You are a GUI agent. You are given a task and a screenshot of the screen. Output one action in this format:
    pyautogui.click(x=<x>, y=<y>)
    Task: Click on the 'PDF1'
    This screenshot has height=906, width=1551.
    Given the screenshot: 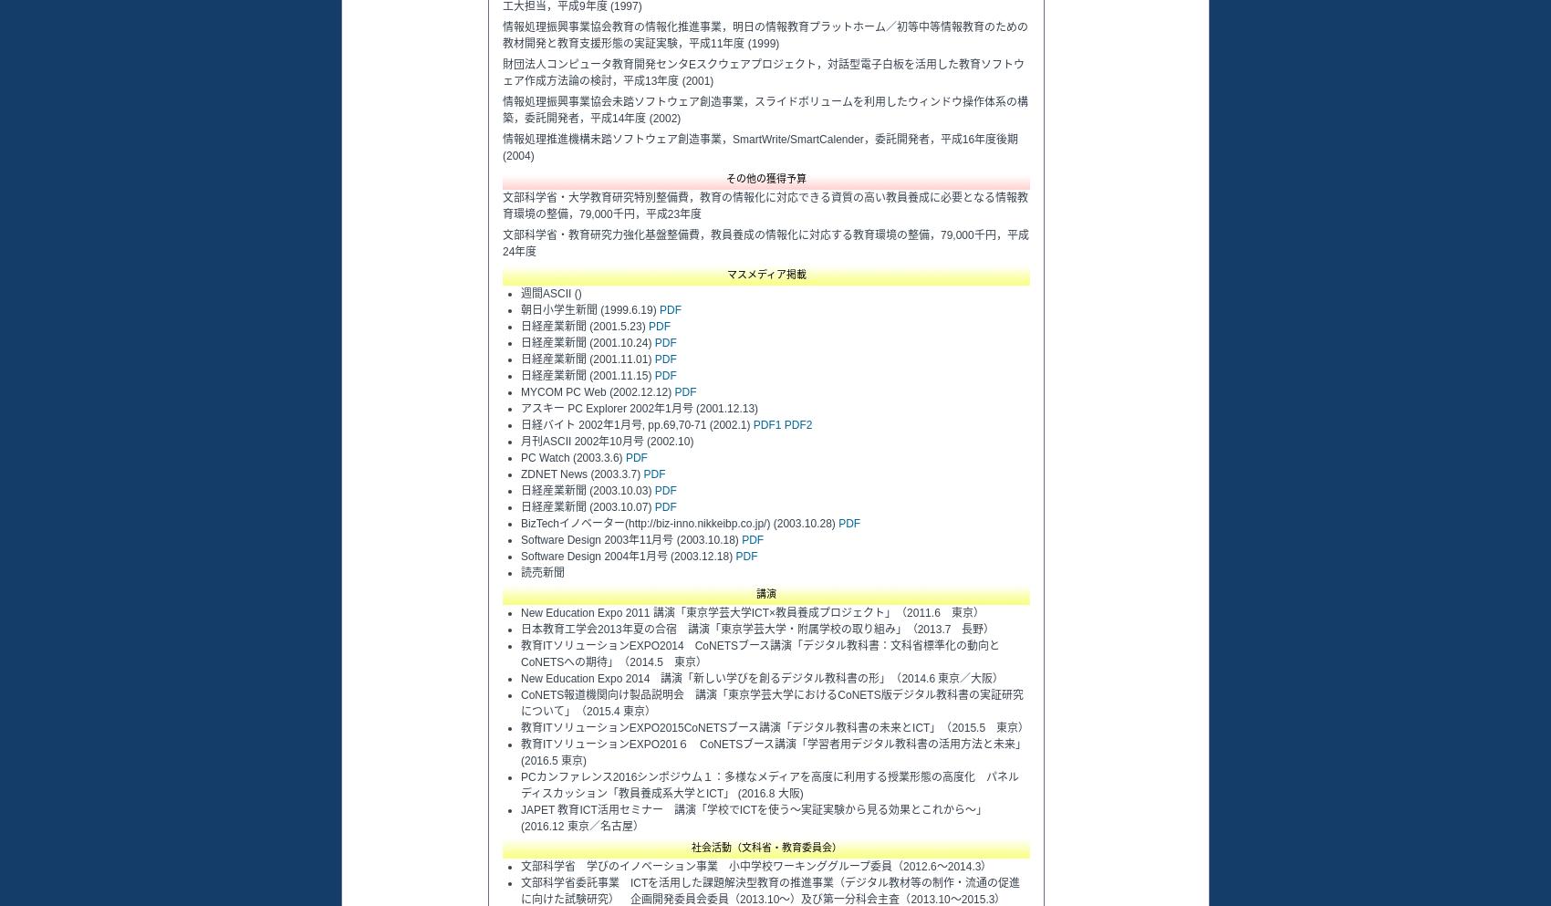 What is the action you would take?
    pyautogui.click(x=765, y=424)
    